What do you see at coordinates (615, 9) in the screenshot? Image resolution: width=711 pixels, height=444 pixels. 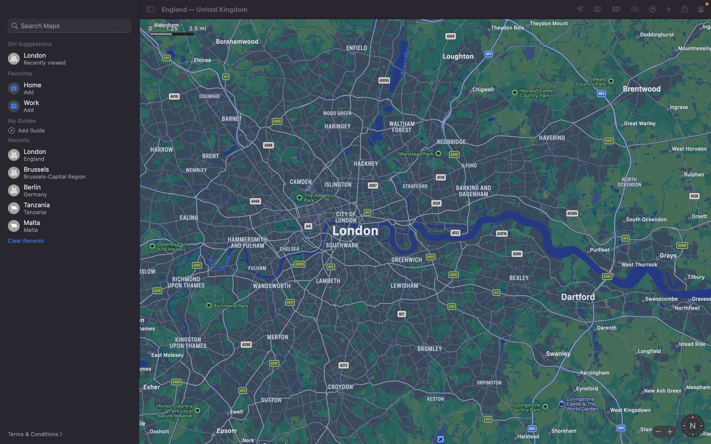 I see `View the map in three dimensional mode` at bounding box center [615, 9].